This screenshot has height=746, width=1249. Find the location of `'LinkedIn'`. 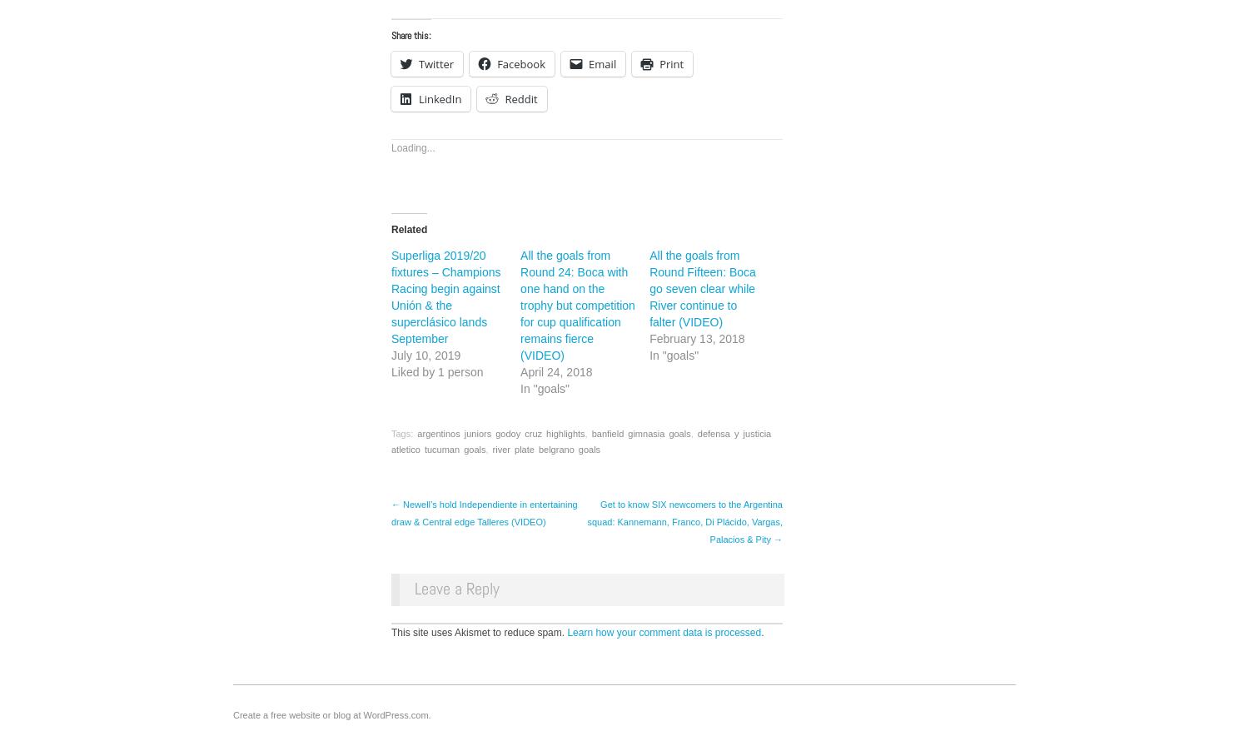

'LinkedIn' is located at coordinates (440, 98).